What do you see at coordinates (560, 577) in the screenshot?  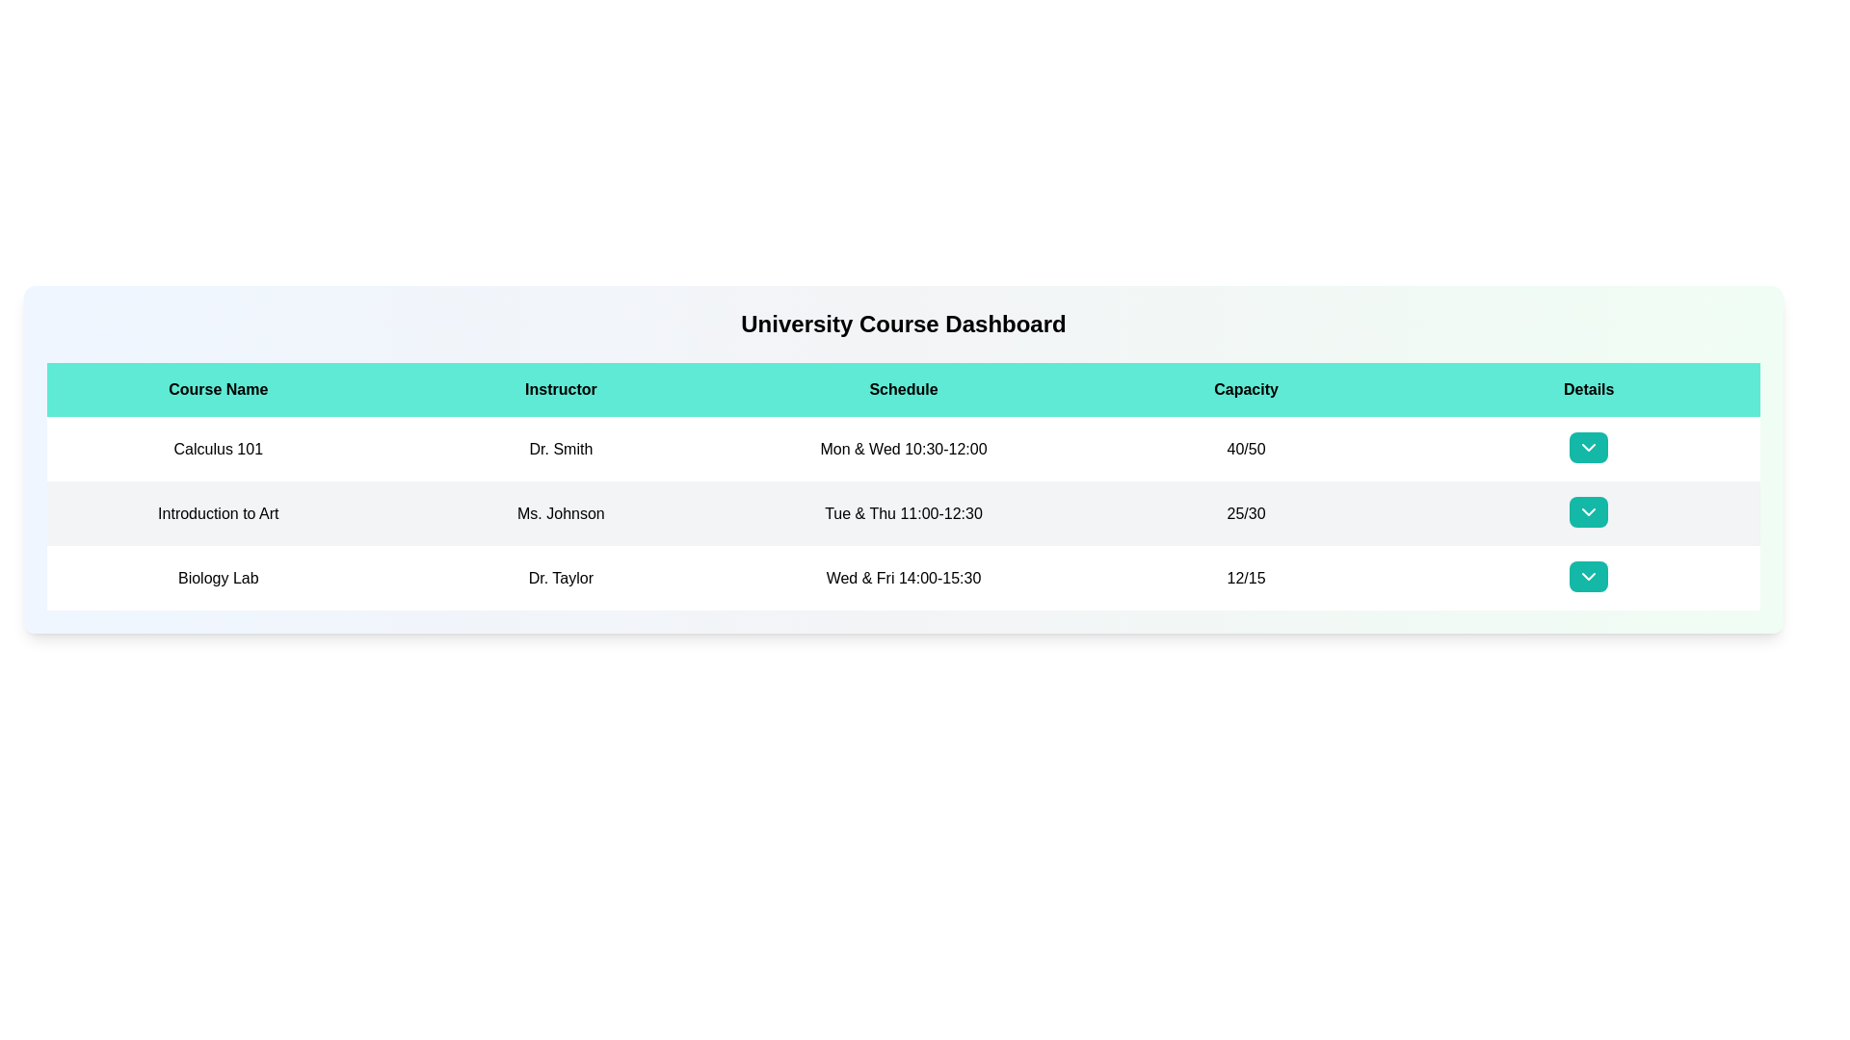 I see `the text label displaying 'Dr. Taylor' in the second column of the third row of the table on the University Course Dashboard` at bounding box center [560, 577].